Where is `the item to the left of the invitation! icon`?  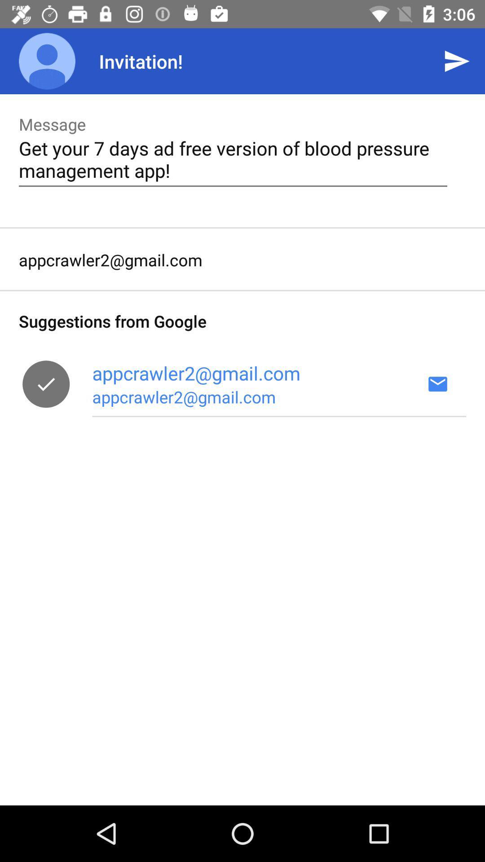
the item to the left of the invitation! icon is located at coordinates (47, 61).